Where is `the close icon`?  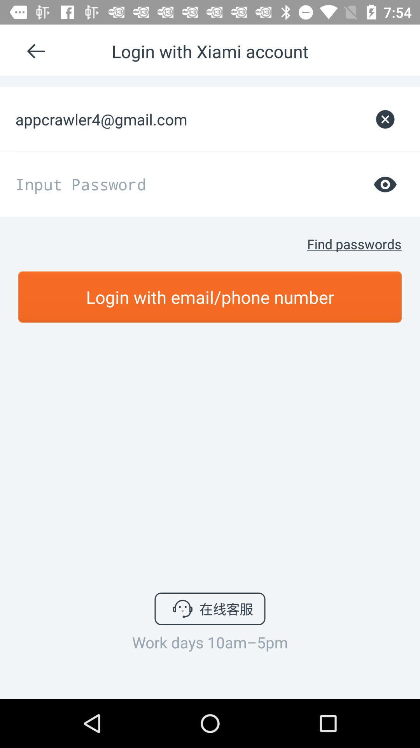
the close icon is located at coordinates (385, 127).